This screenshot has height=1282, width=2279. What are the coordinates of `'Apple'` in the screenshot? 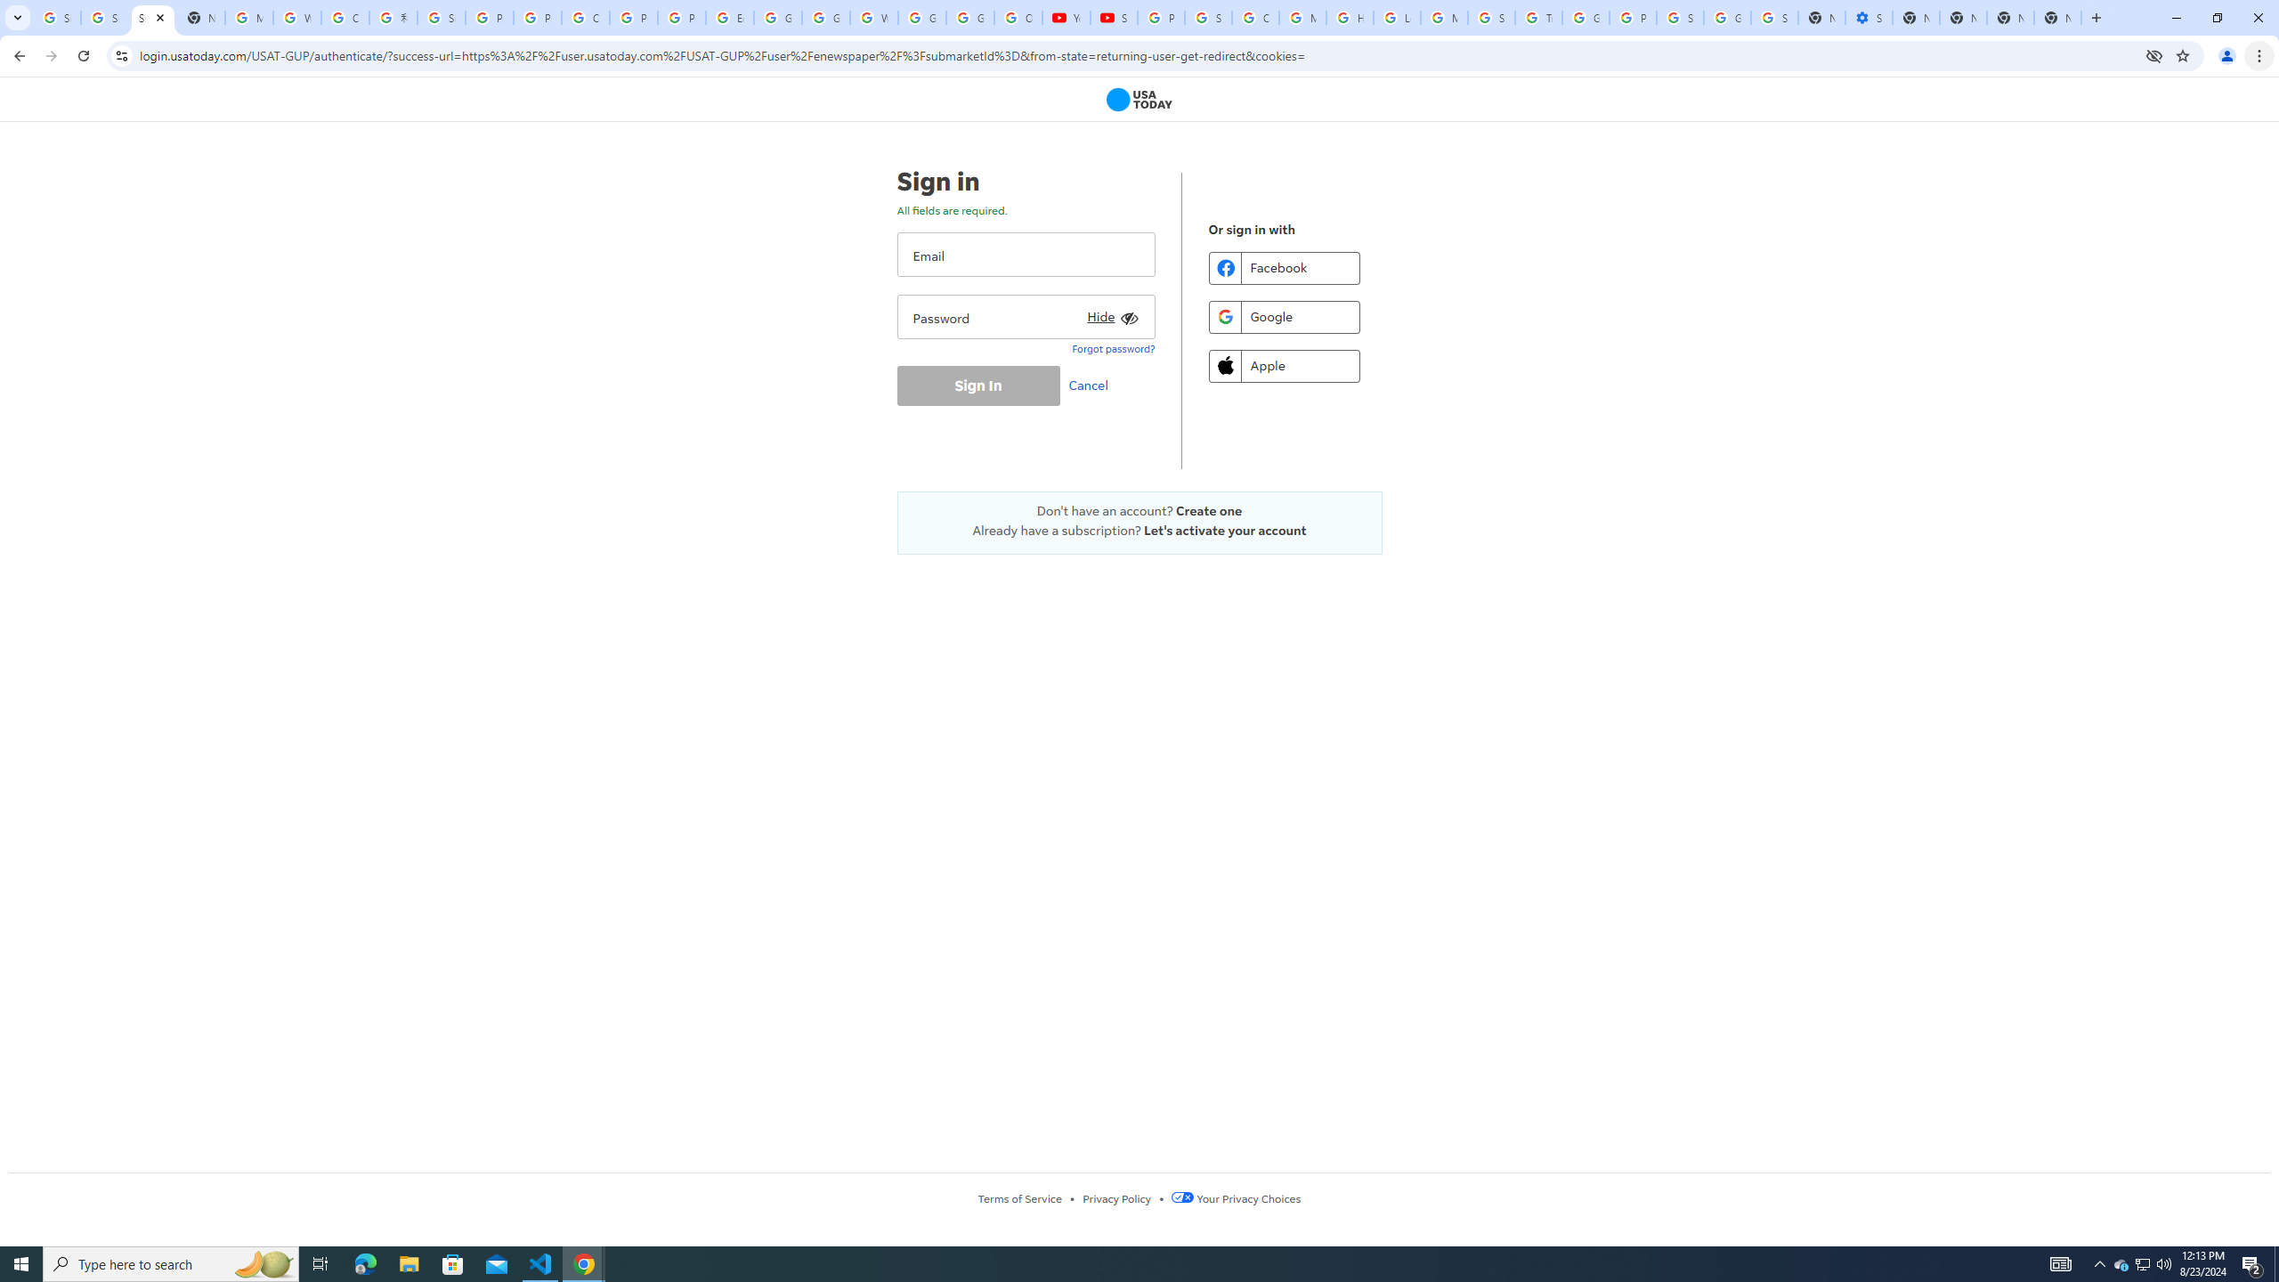 It's located at (1284, 365).